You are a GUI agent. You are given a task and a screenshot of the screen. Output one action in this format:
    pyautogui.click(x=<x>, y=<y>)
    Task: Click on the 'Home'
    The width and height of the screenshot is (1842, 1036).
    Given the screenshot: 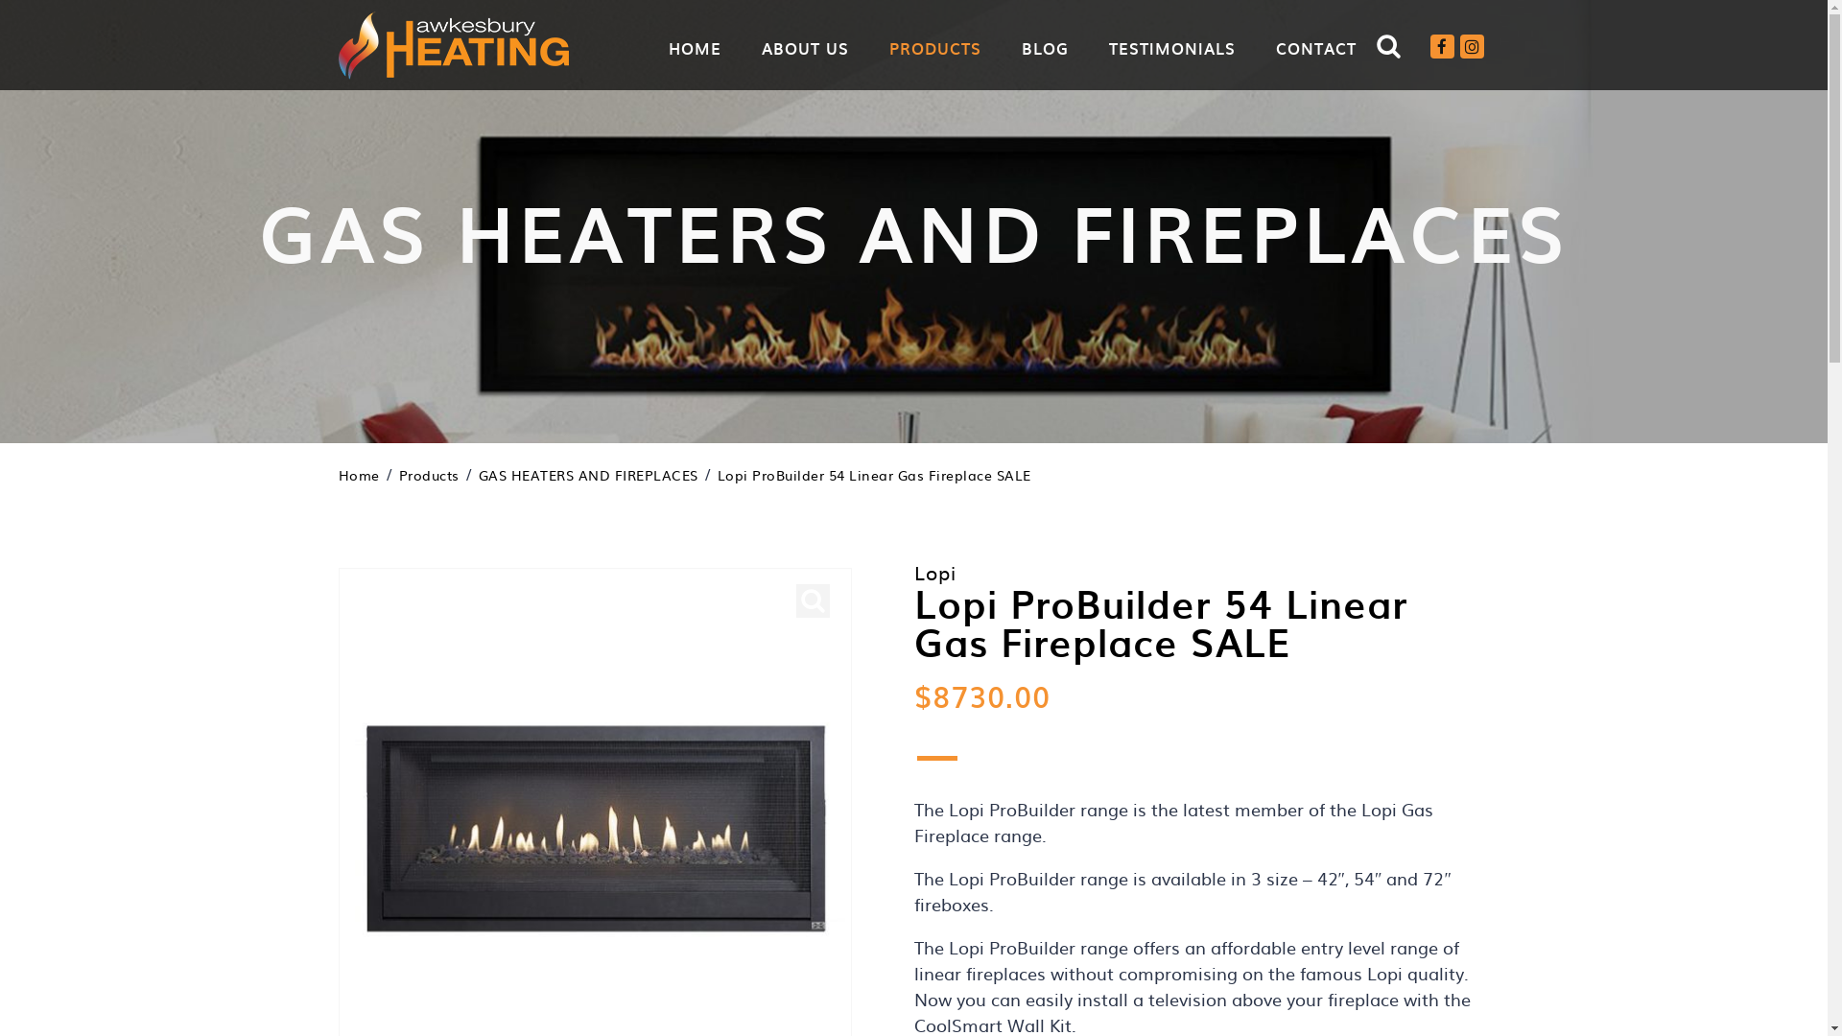 What is the action you would take?
    pyautogui.click(x=358, y=474)
    